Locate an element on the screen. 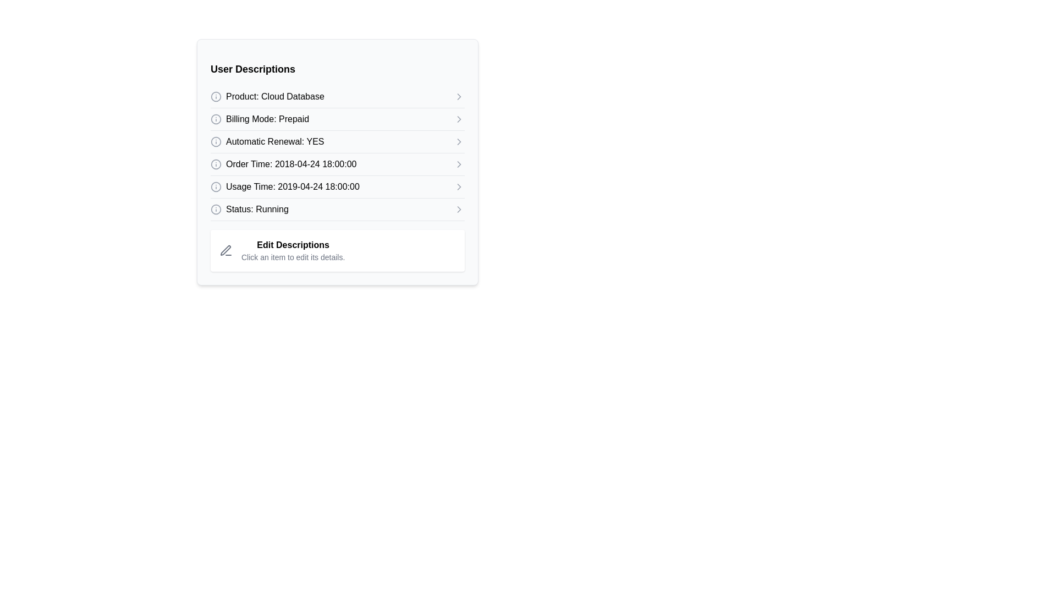 This screenshot has height=594, width=1056. text content of the clickable row item displaying 'Order Time: 2018-04-24 18:00:00', located under the section header 'User Descriptions' is located at coordinates (337, 164).